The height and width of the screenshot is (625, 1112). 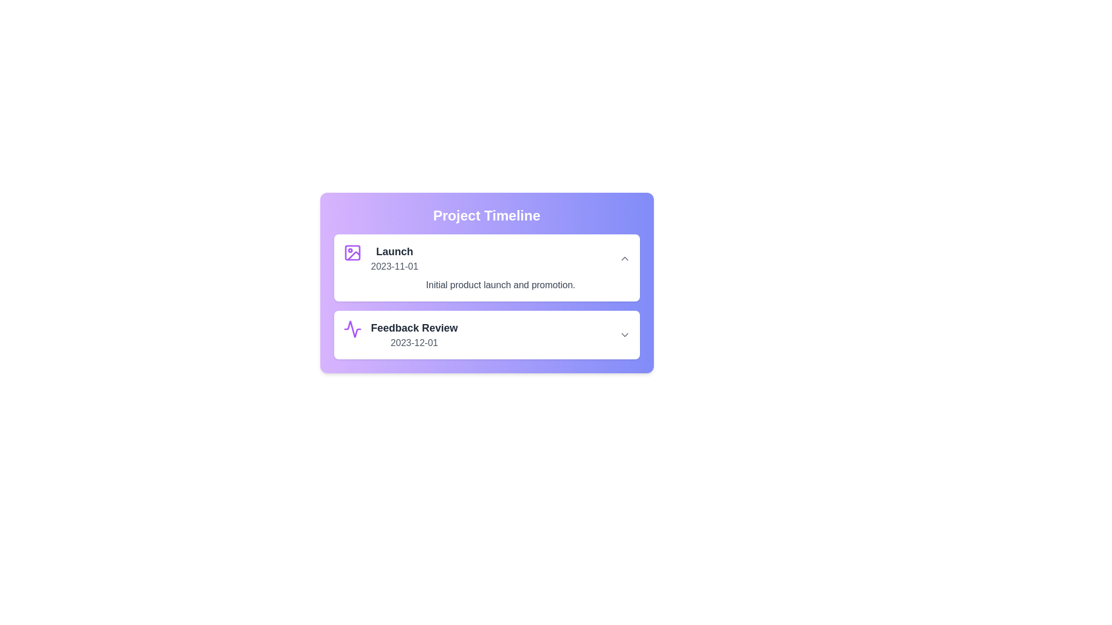 What do you see at coordinates (624, 334) in the screenshot?
I see `the Chevron icon dropdown toggle located on the far-right side of the 'Feedback Review' line item in the 'Project Timeline' section` at bounding box center [624, 334].